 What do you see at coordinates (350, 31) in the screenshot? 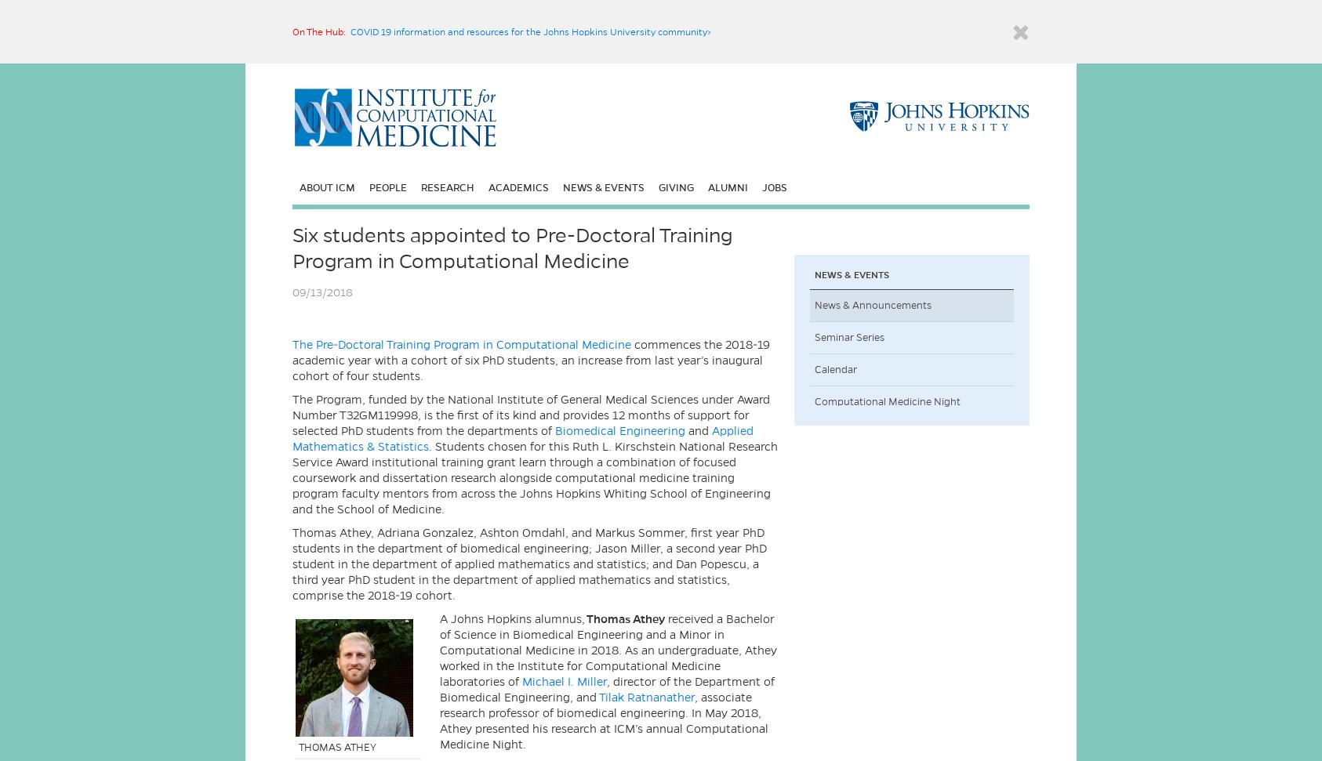
I see `'COVID 19 information and resources for the Johns Hopkins University community>'` at bounding box center [350, 31].